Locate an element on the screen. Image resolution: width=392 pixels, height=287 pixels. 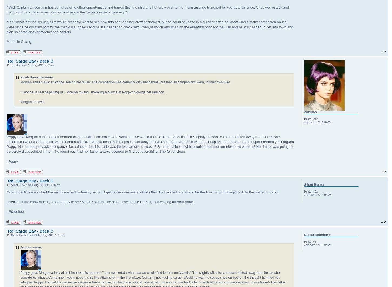
'Guard Bradshaw watched the newcomer with interest; he didn't get to see companions that often. He decided now would be the time to bring things back to the matter in hand.' is located at coordinates (6, 192).